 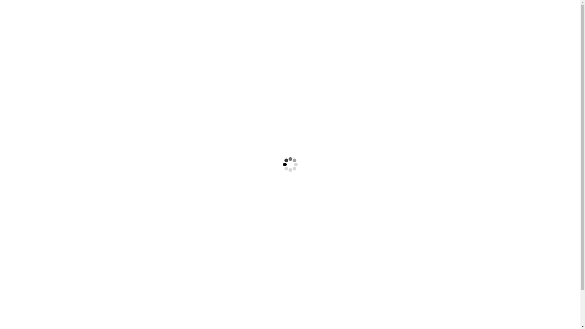 What do you see at coordinates (285, 17) in the screenshot?
I see `'Dienstleistungen'` at bounding box center [285, 17].